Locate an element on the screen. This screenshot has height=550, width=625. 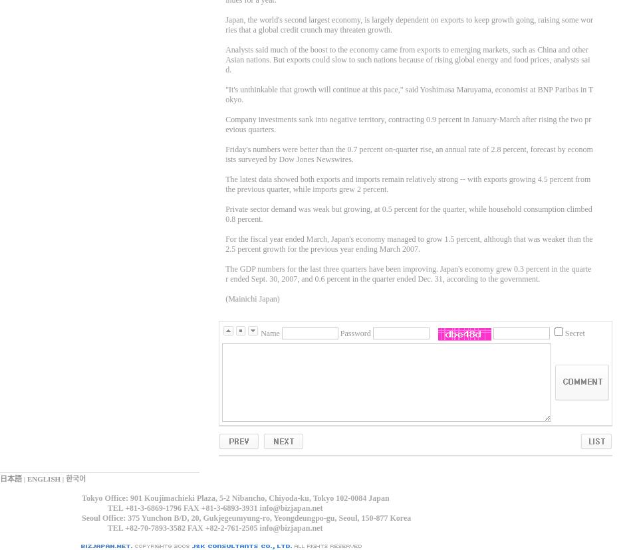
'Private sector demand was weak but growing, at 0.5 percent for the quarter, while household consumption climbed 0.8 percent.' is located at coordinates (225, 213).